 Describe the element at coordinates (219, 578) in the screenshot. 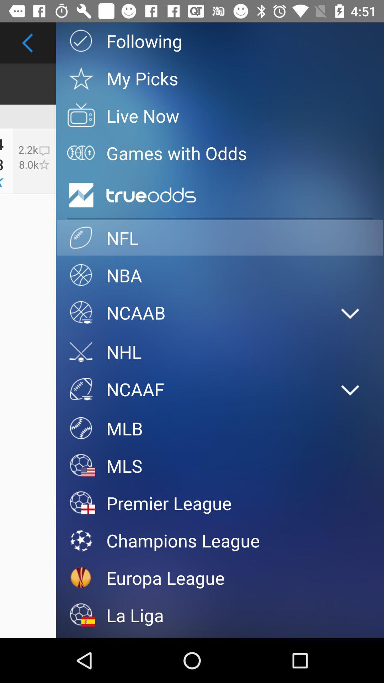

I see `the icon below the champions league icon` at that location.